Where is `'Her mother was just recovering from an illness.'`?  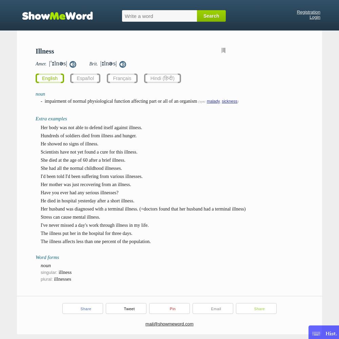 'Her mother was just recovering from an illness.' is located at coordinates (86, 184).